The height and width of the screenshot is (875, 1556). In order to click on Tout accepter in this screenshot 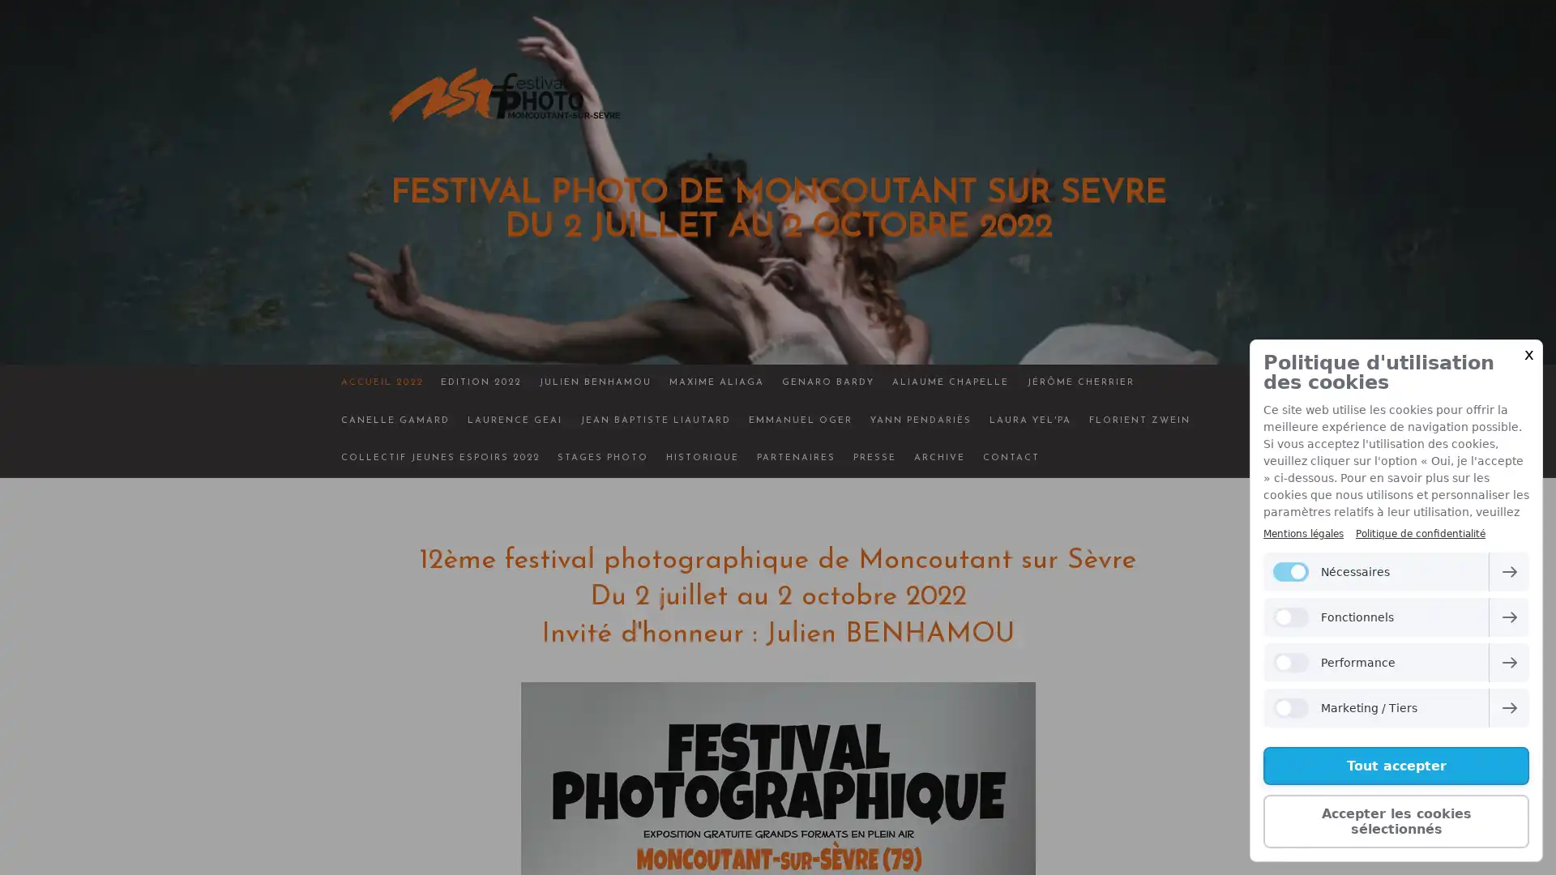, I will do `click(1396, 766)`.